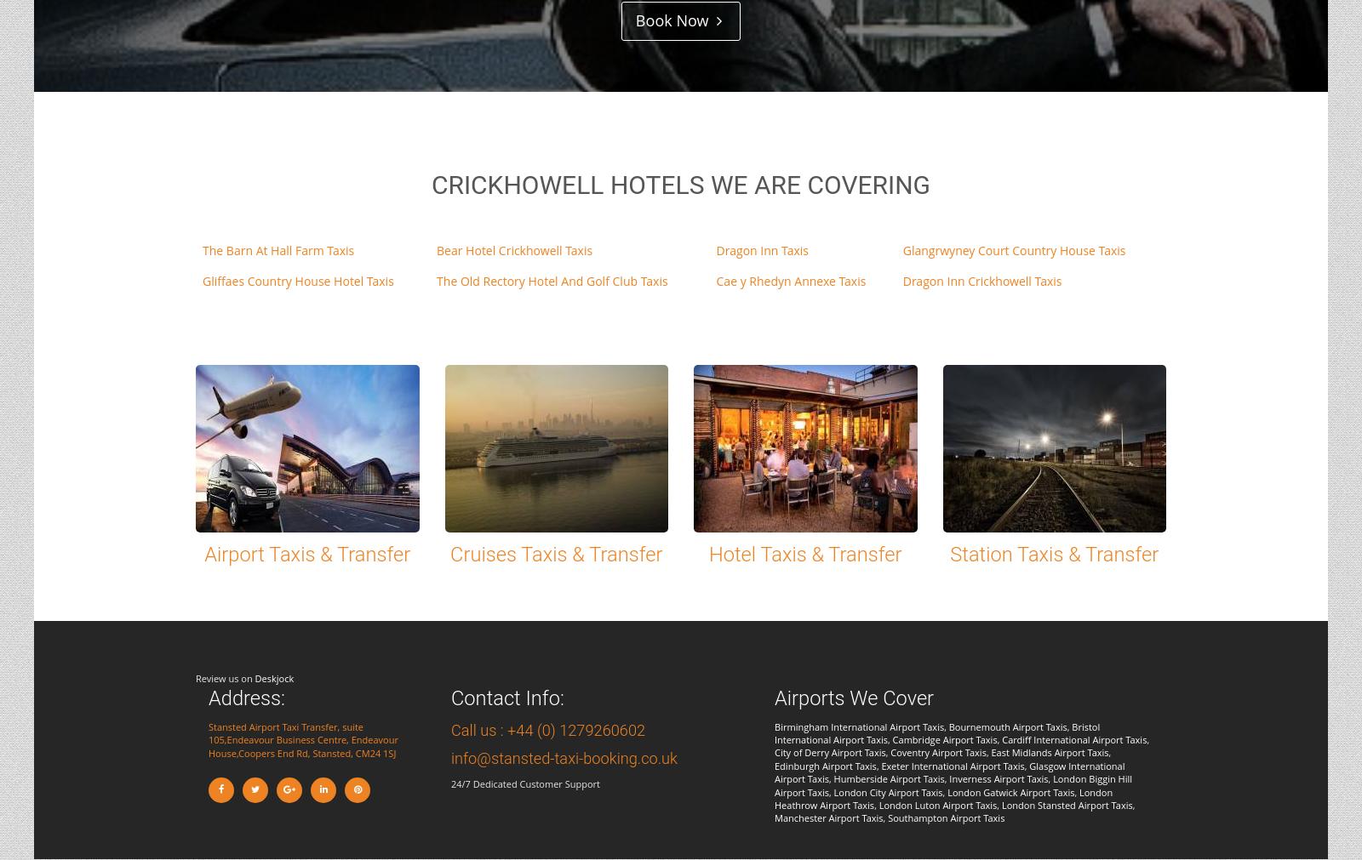  Describe the element at coordinates (1007, 726) in the screenshot. I see `'Bournemouth Airport Taxis'` at that location.